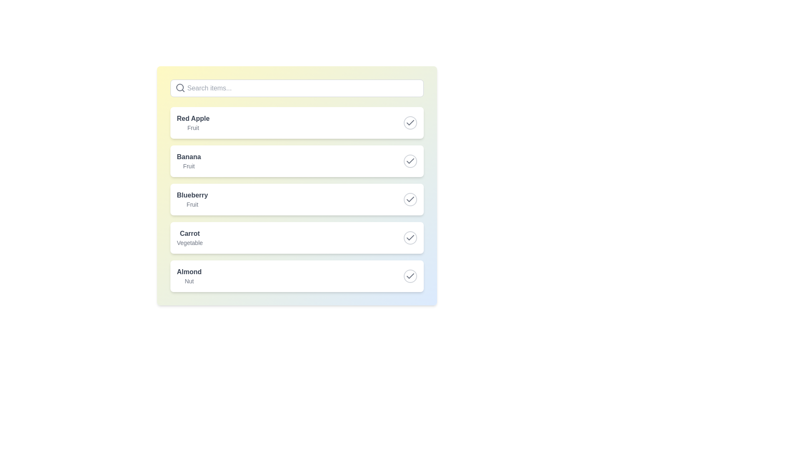 The width and height of the screenshot is (800, 450). What do you see at coordinates (410, 161) in the screenshot?
I see `the checkmark icon that indicates the selection or completion status of the 'Banana' list item, which is the second item in a vertical stack` at bounding box center [410, 161].